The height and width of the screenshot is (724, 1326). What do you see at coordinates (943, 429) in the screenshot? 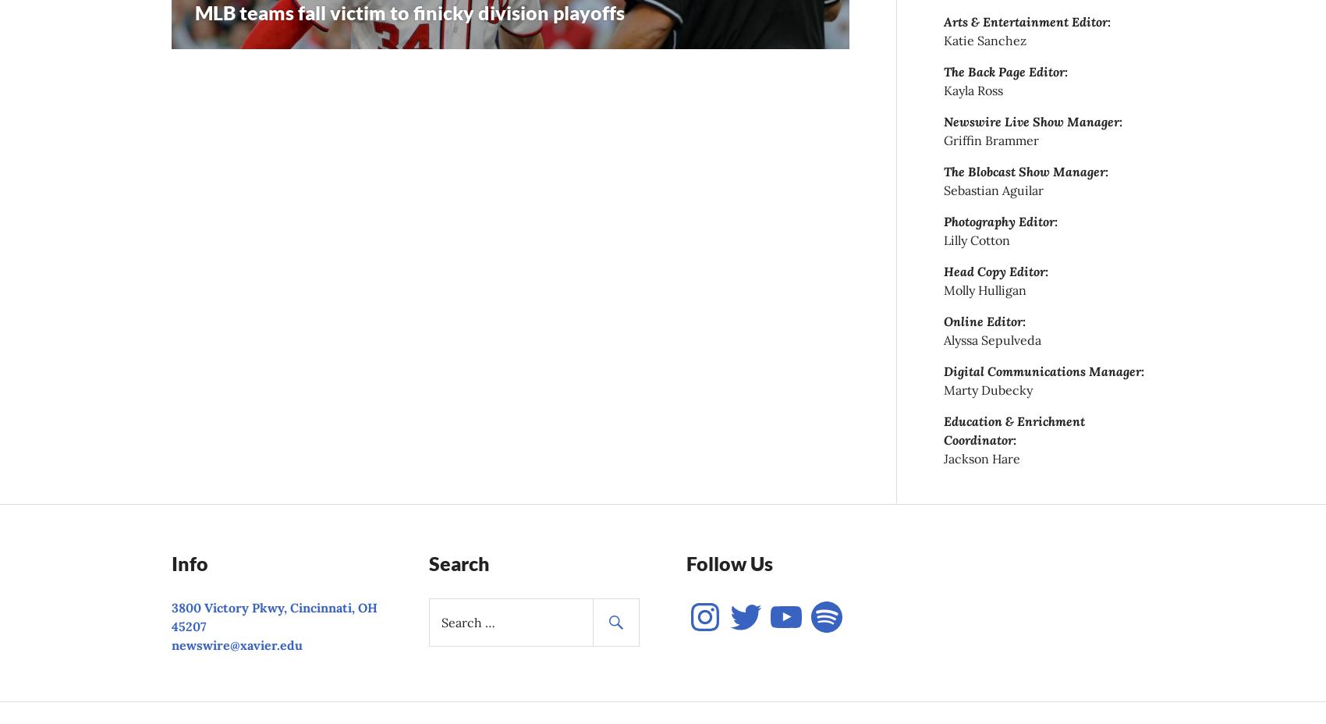
I see `'Education & Enrichment Coordinator:'` at bounding box center [943, 429].